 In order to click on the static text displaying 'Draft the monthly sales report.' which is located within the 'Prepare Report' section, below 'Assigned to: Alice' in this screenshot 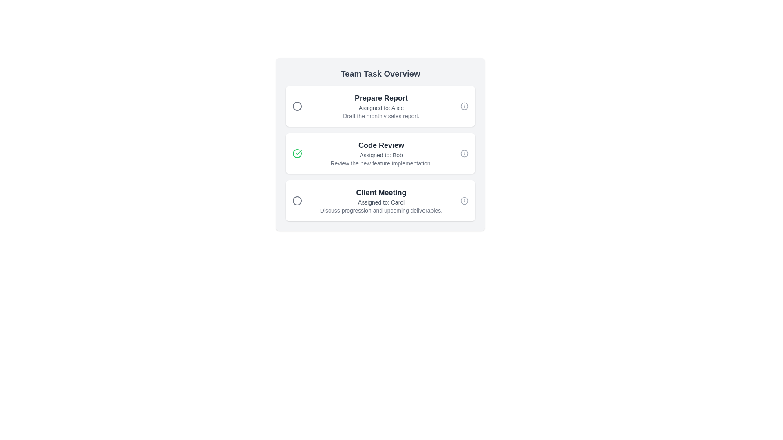, I will do `click(381, 116)`.